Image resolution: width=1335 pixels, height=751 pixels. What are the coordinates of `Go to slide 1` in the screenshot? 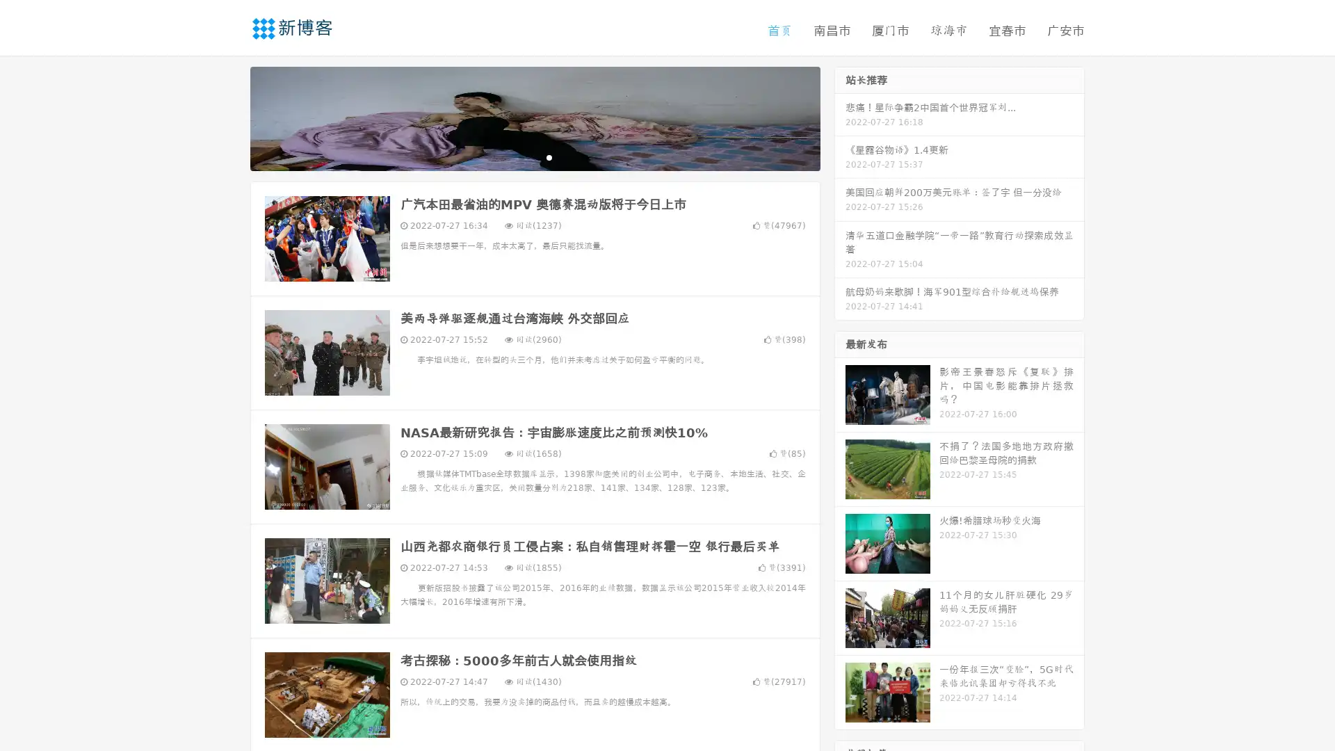 It's located at (520, 156).